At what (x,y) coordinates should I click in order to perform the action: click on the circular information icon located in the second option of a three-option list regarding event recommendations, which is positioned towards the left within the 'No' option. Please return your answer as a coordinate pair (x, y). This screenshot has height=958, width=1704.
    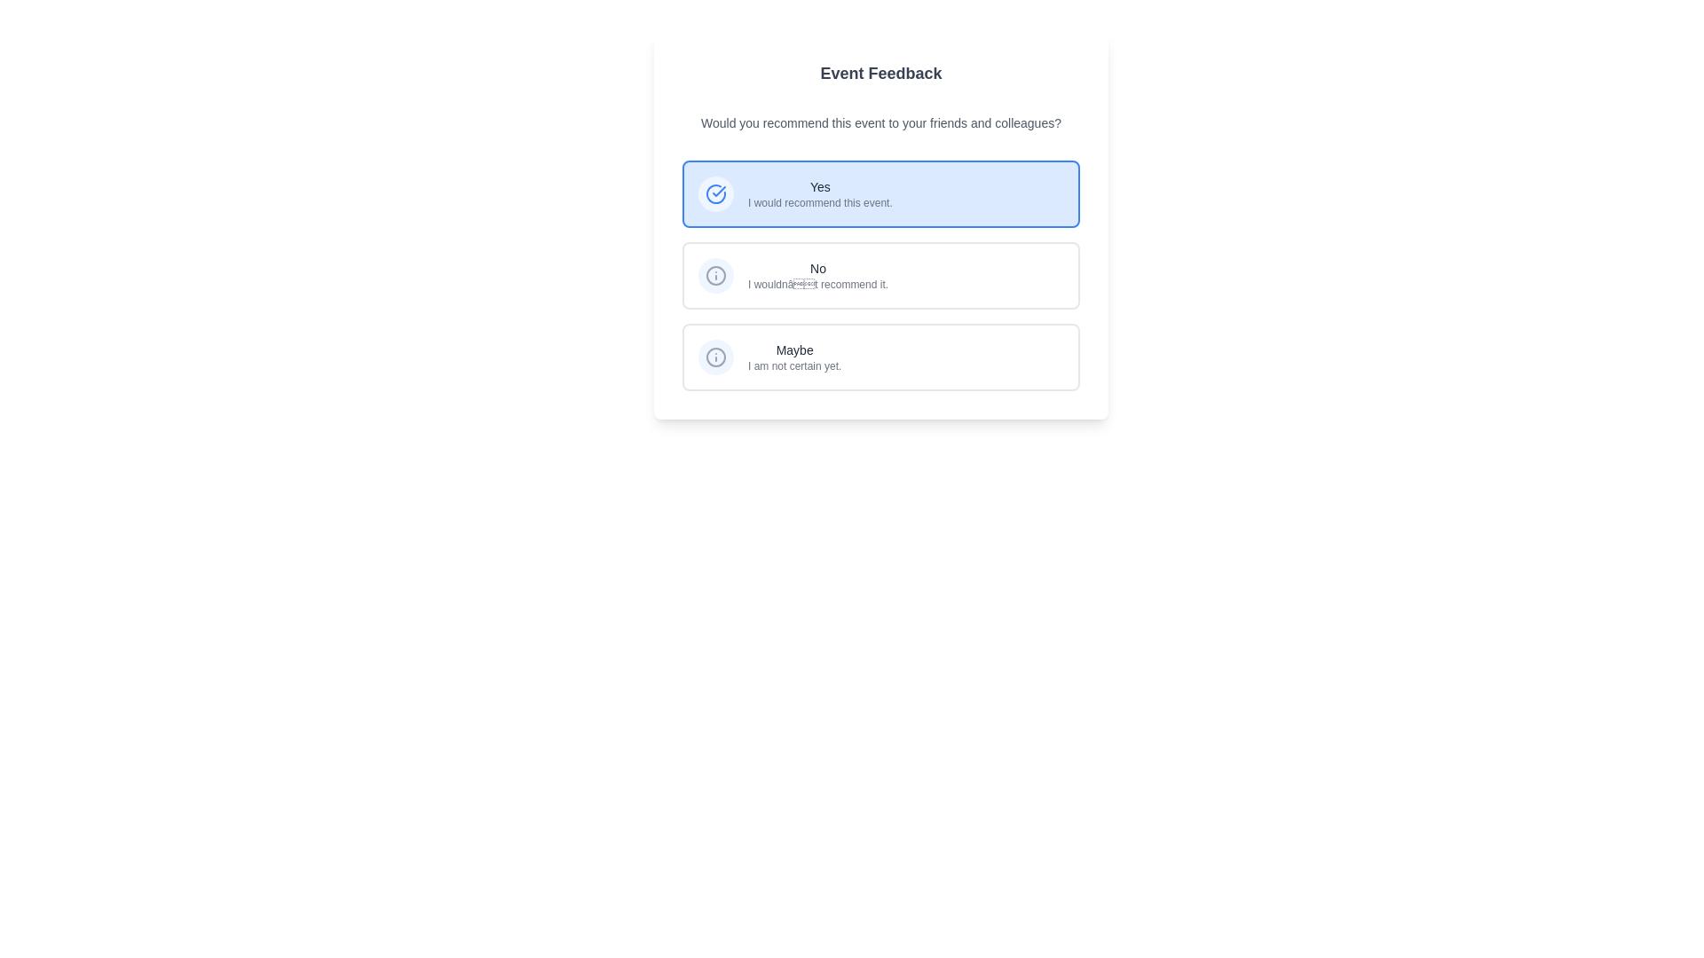
    Looking at the image, I should click on (715, 276).